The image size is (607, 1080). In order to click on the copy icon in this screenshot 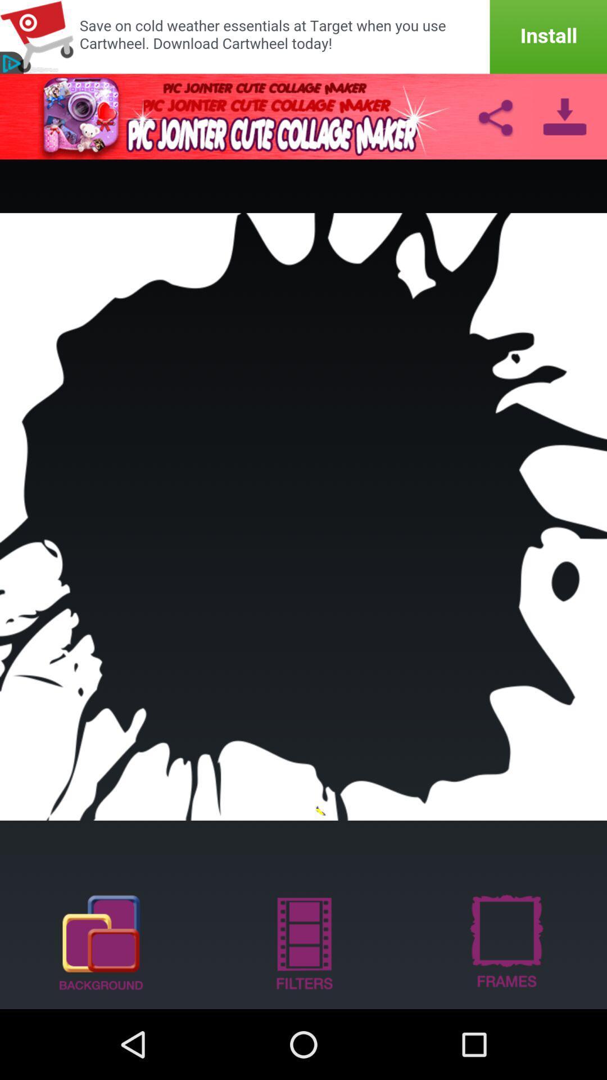, I will do `click(101, 1007)`.